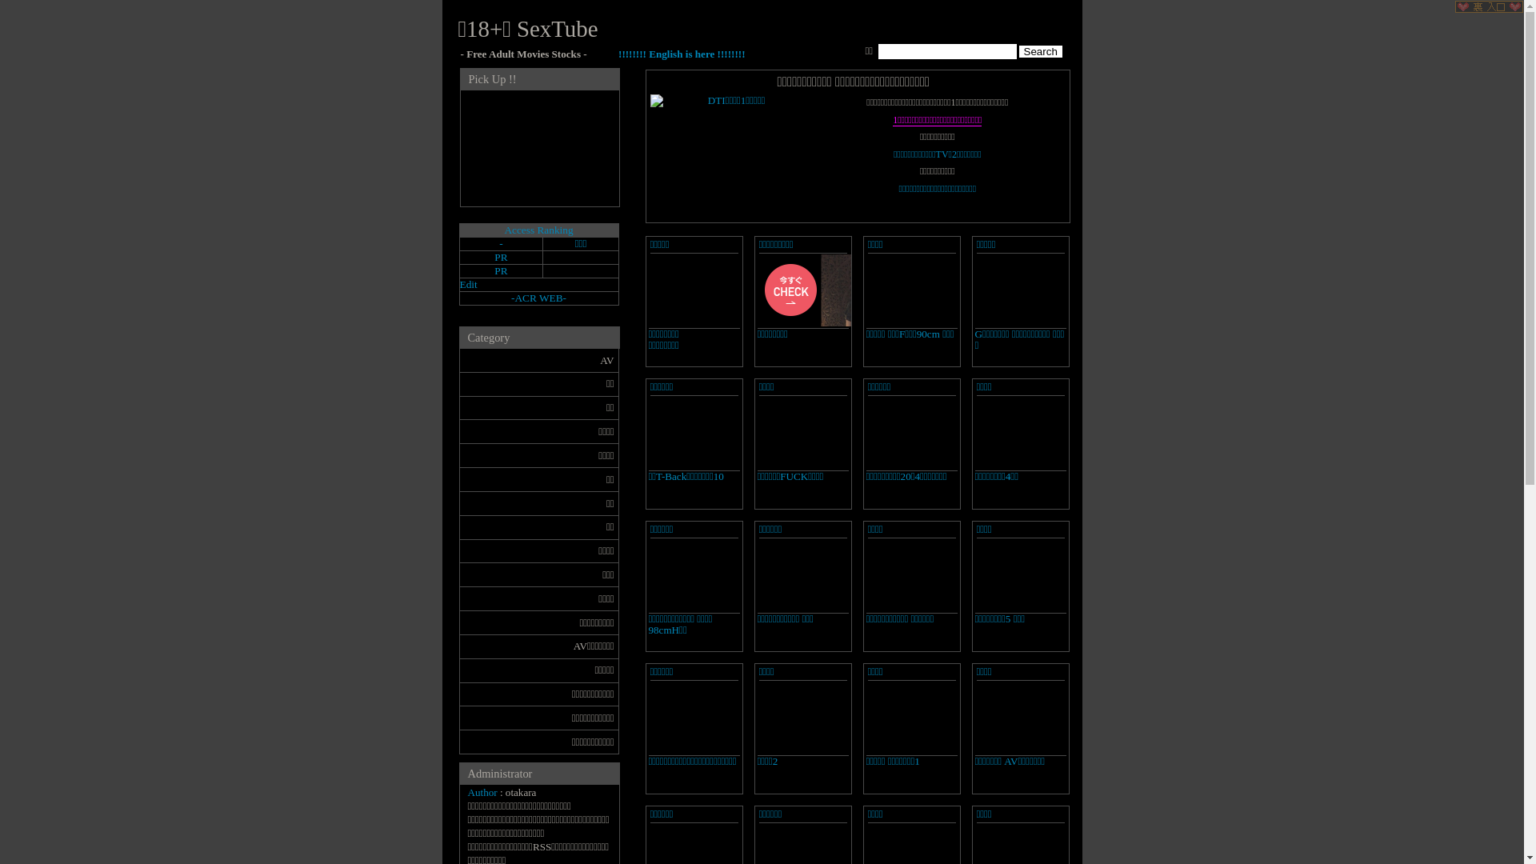  I want to click on '!!!!!!!! English is here !!!!!!!!', so click(617, 53).